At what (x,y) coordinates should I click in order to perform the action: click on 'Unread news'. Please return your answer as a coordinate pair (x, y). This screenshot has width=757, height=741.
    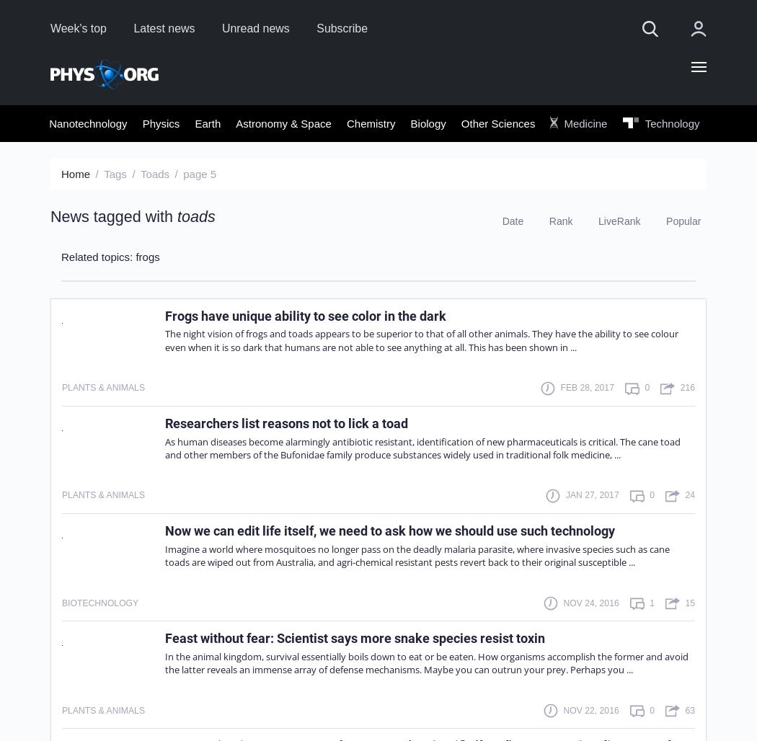
    Looking at the image, I should click on (221, 27).